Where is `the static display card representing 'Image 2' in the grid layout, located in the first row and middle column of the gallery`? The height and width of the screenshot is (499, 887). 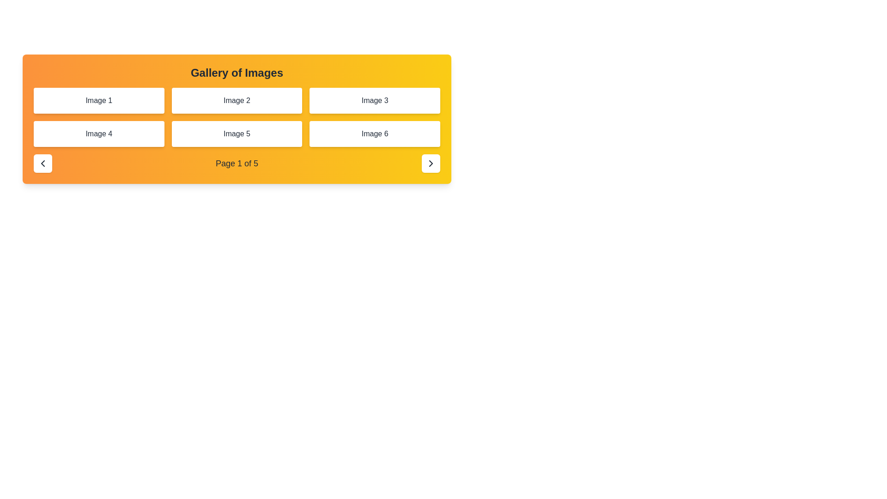
the static display card representing 'Image 2' in the grid layout, located in the first row and middle column of the gallery is located at coordinates (237, 101).